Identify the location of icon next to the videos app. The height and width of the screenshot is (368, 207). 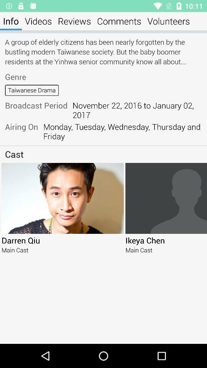
(10, 21).